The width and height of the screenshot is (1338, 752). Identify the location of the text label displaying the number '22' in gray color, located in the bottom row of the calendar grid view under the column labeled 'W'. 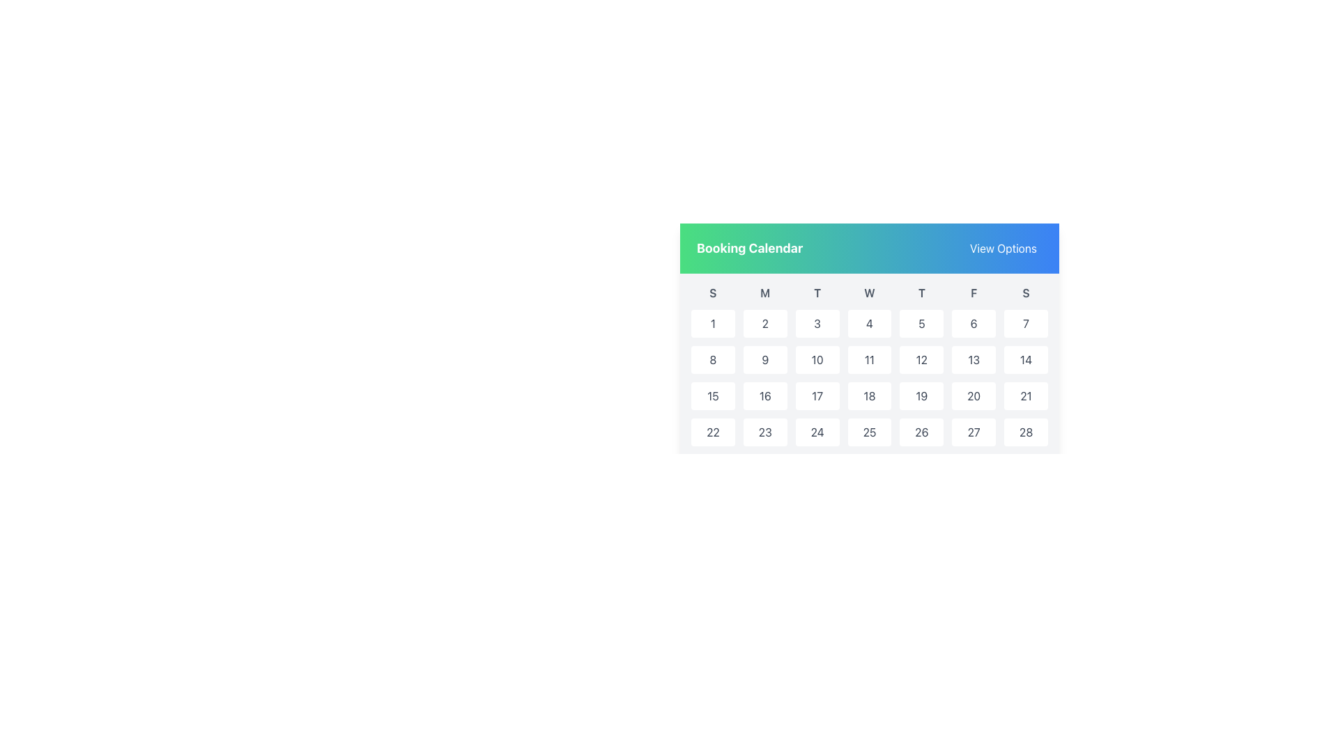
(713, 432).